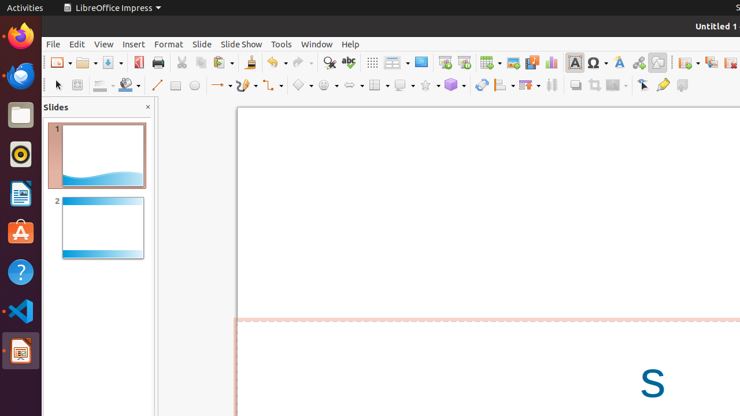 Image resolution: width=740 pixels, height=416 pixels. What do you see at coordinates (378, 84) in the screenshot?
I see `'Flowchart Shapes'` at bounding box center [378, 84].